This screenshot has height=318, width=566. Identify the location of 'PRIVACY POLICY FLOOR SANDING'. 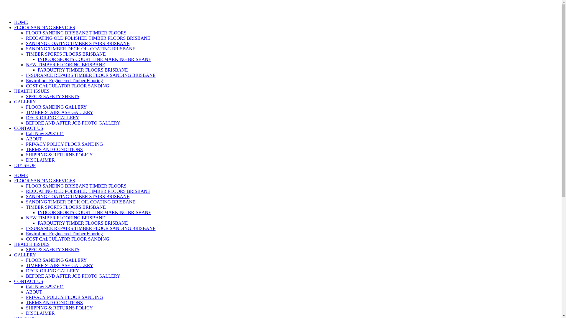
(64, 297).